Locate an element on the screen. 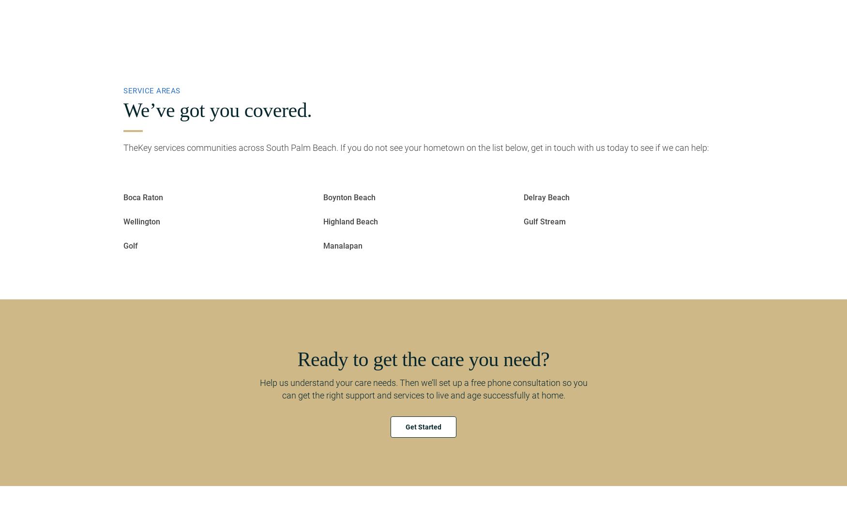 This screenshot has height=517, width=847. 'Highland Beach' is located at coordinates (350, 221).